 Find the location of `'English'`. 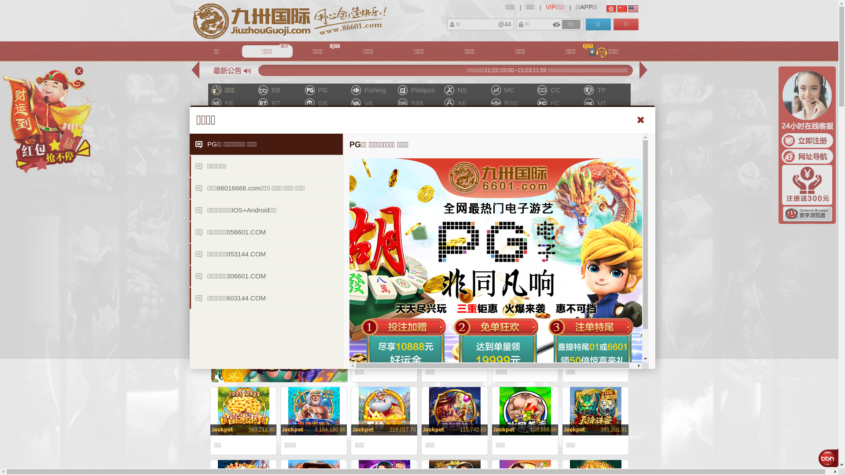

'English' is located at coordinates (633, 8).